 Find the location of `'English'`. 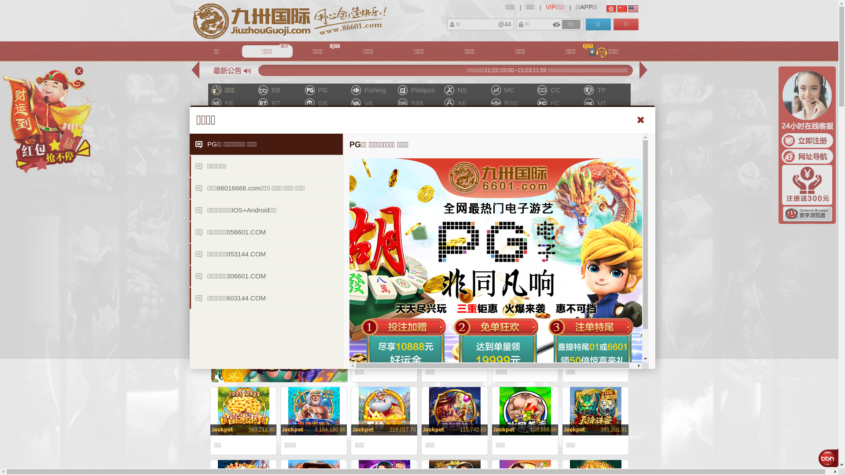

'English' is located at coordinates (633, 8).